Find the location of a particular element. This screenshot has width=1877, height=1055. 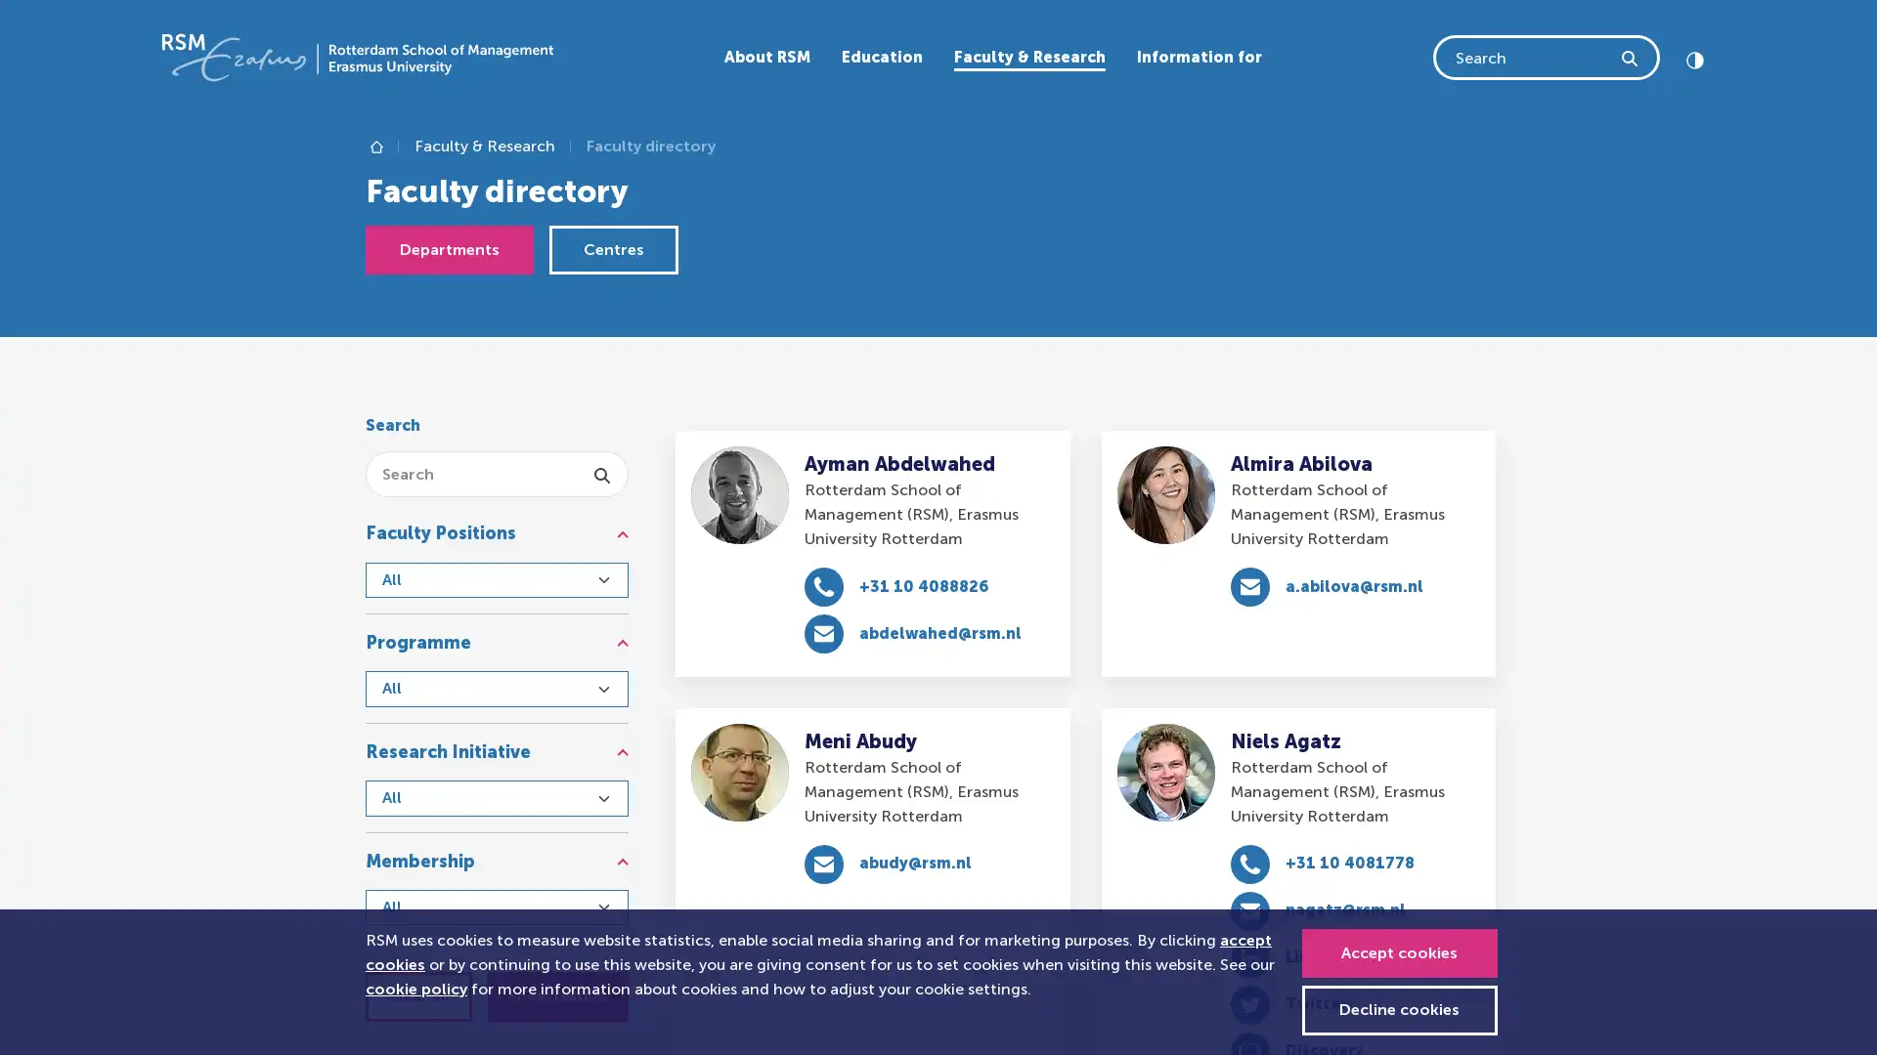

Click to set high contrast Contrast off is located at coordinates (1693, 56).